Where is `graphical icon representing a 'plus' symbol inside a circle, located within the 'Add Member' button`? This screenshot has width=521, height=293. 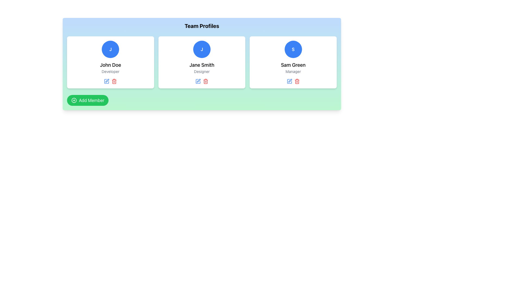 graphical icon representing a 'plus' symbol inside a circle, located within the 'Add Member' button is located at coordinates (74, 100).